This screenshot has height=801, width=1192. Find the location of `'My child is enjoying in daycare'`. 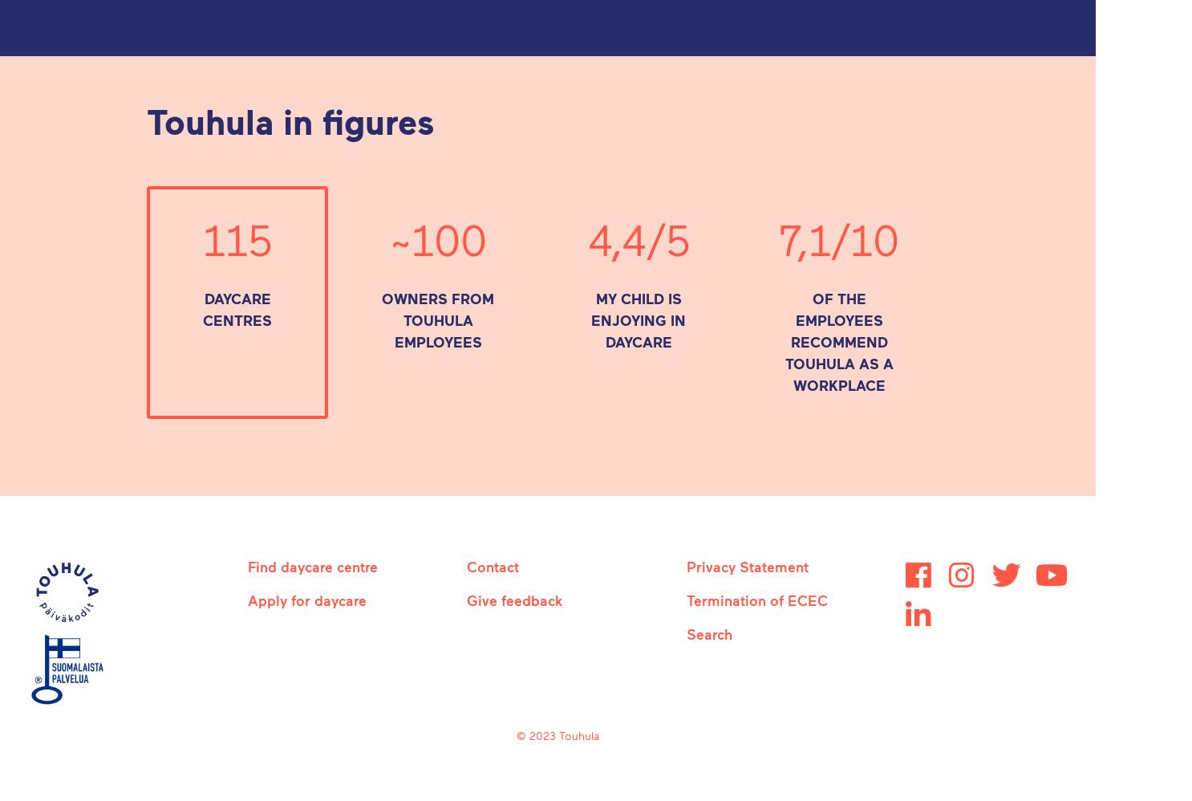

'My child is enjoying in daycare' is located at coordinates (638, 319).